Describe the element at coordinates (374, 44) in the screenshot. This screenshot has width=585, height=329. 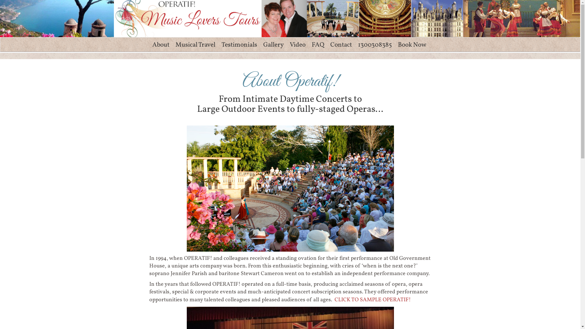
I see `'1300308385'` at that location.